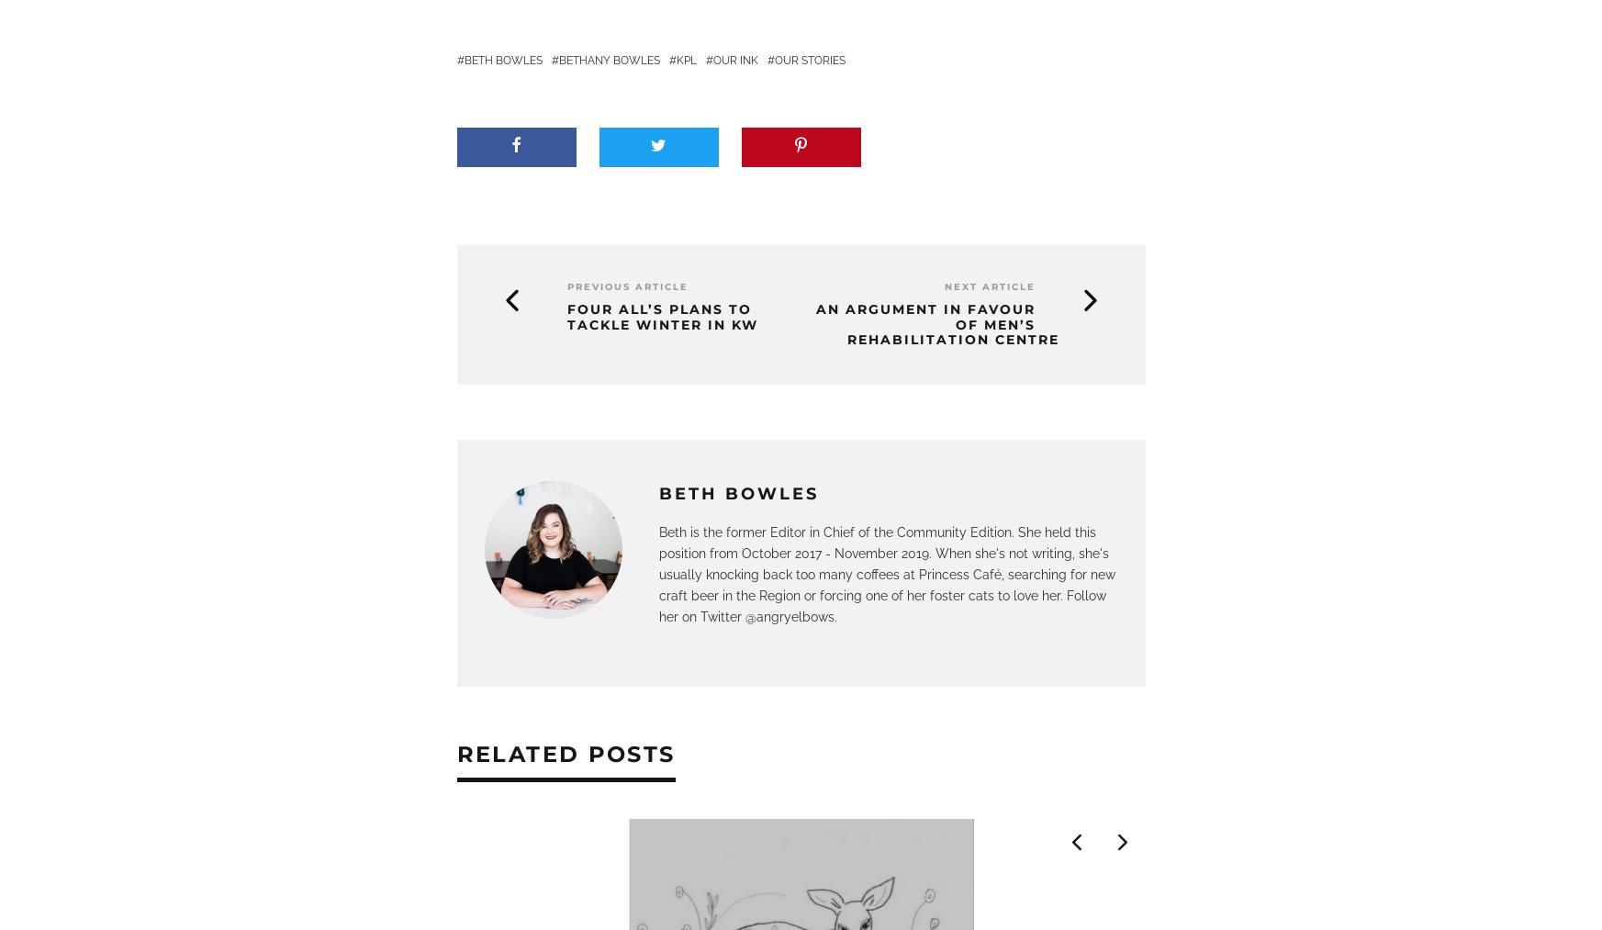 Image resolution: width=1602 pixels, height=930 pixels. Describe the element at coordinates (626, 286) in the screenshot. I see `'Previous Article'` at that location.